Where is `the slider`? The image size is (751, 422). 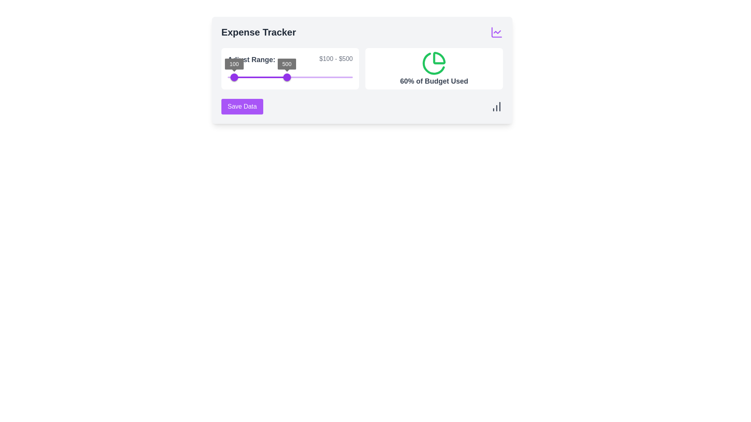
the slider is located at coordinates (302, 77).